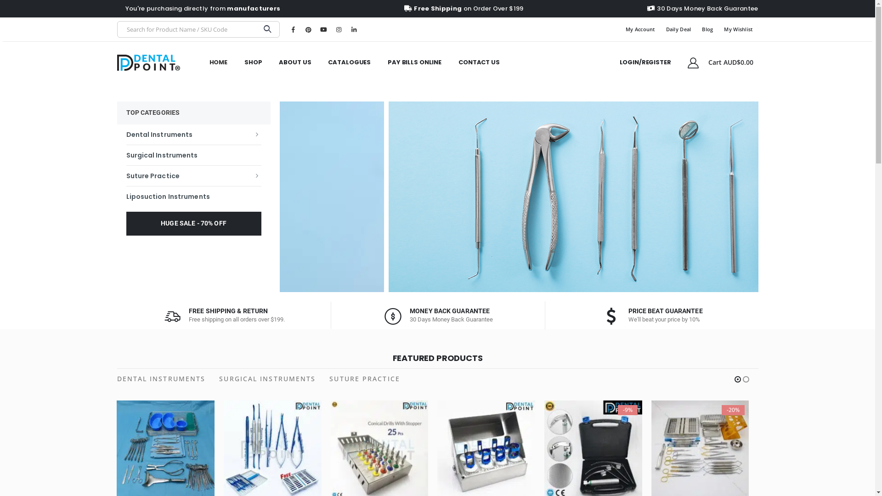 Image resolution: width=882 pixels, height=496 pixels. What do you see at coordinates (353, 29) in the screenshot?
I see `'LinkedIn'` at bounding box center [353, 29].